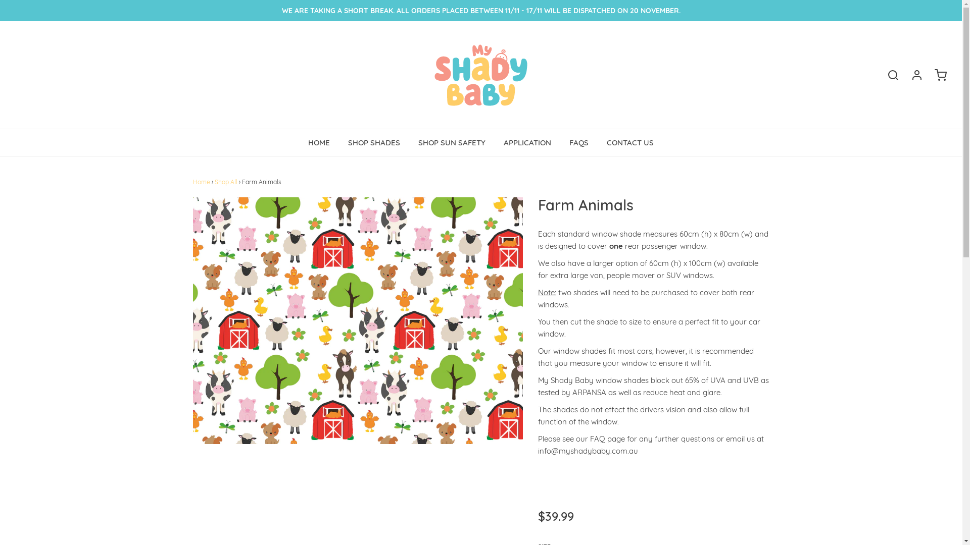  What do you see at coordinates (935, 75) in the screenshot?
I see `'Cart'` at bounding box center [935, 75].